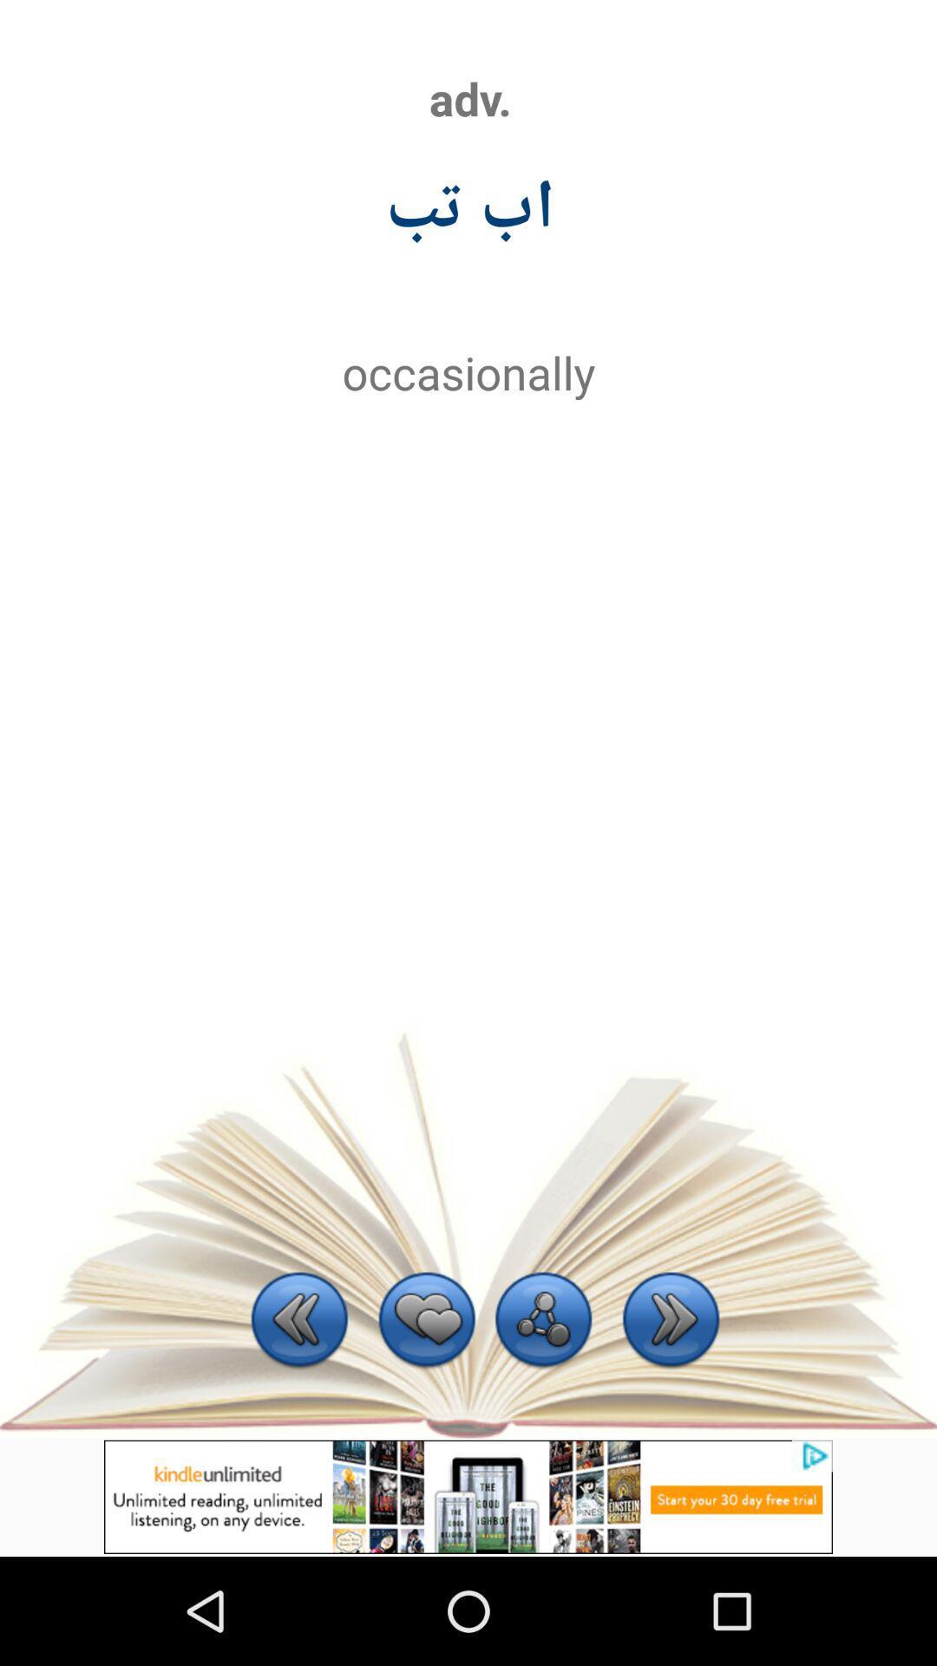  I want to click on favorites, so click(427, 1321).